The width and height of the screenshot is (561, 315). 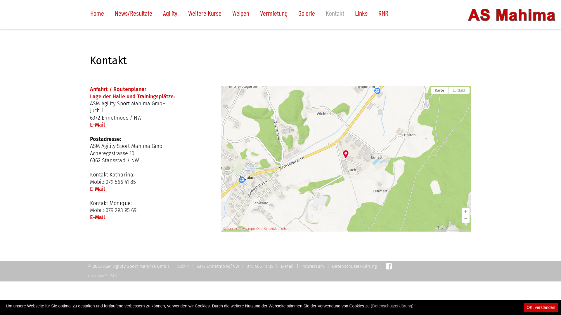 What do you see at coordinates (312, 266) in the screenshot?
I see `'Impressum'` at bounding box center [312, 266].